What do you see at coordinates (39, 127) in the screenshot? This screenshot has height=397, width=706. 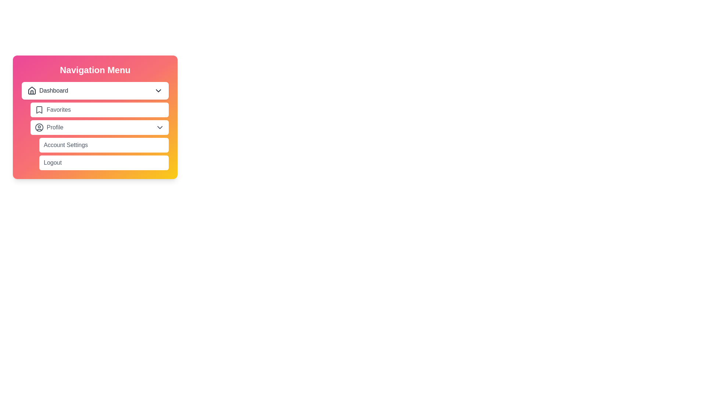 I see `the user profile icon, which is a circular outline with a smaller filled circle inside, located to the left of the text 'Profile' in the third row of the navigation menu` at bounding box center [39, 127].